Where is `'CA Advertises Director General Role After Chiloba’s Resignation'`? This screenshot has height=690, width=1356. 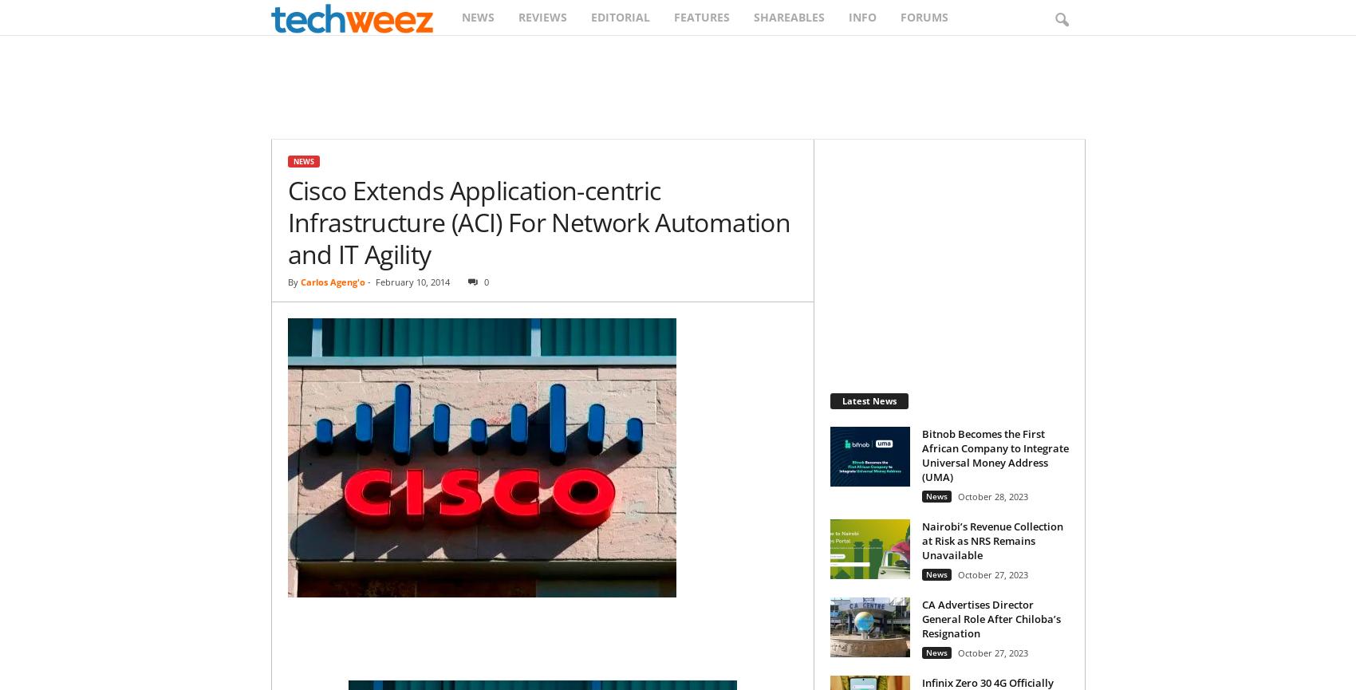 'CA Advertises Director General Role After Chiloba’s Resignation' is located at coordinates (990, 617).